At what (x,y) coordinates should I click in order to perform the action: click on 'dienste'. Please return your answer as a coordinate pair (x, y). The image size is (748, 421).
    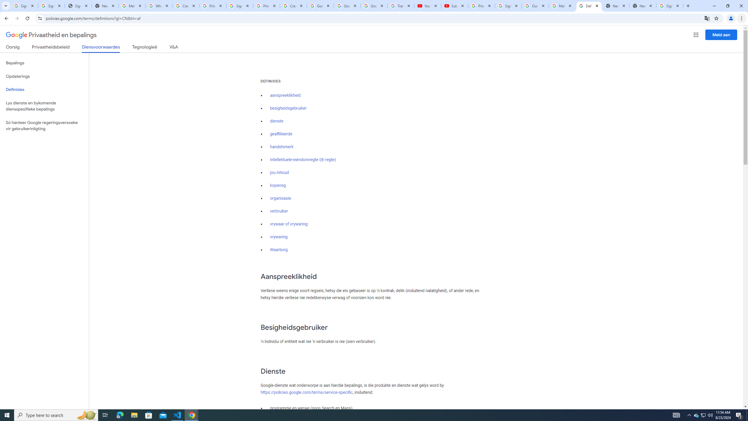
    Looking at the image, I should click on (276, 121).